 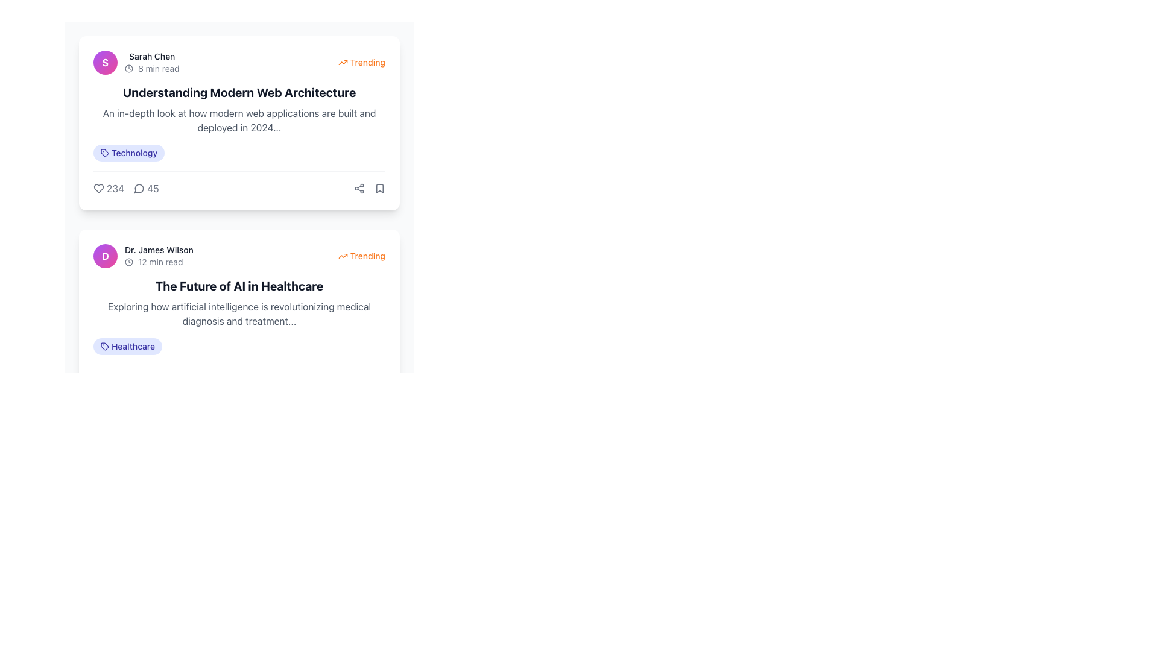 I want to click on the static text label displaying 'Dr. James Wilson', which is located below the avatar and above the clock icon in the second card of the vertically stacked list layout, so click(x=158, y=250).